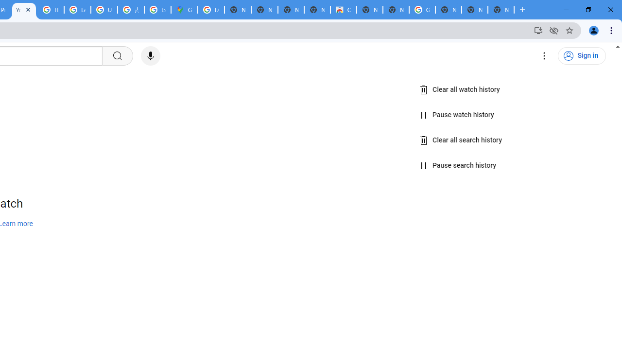 The height and width of the screenshot is (350, 622). What do you see at coordinates (457, 114) in the screenshot?
I see `'Pause watch history'` at bounding box center [457, 114].